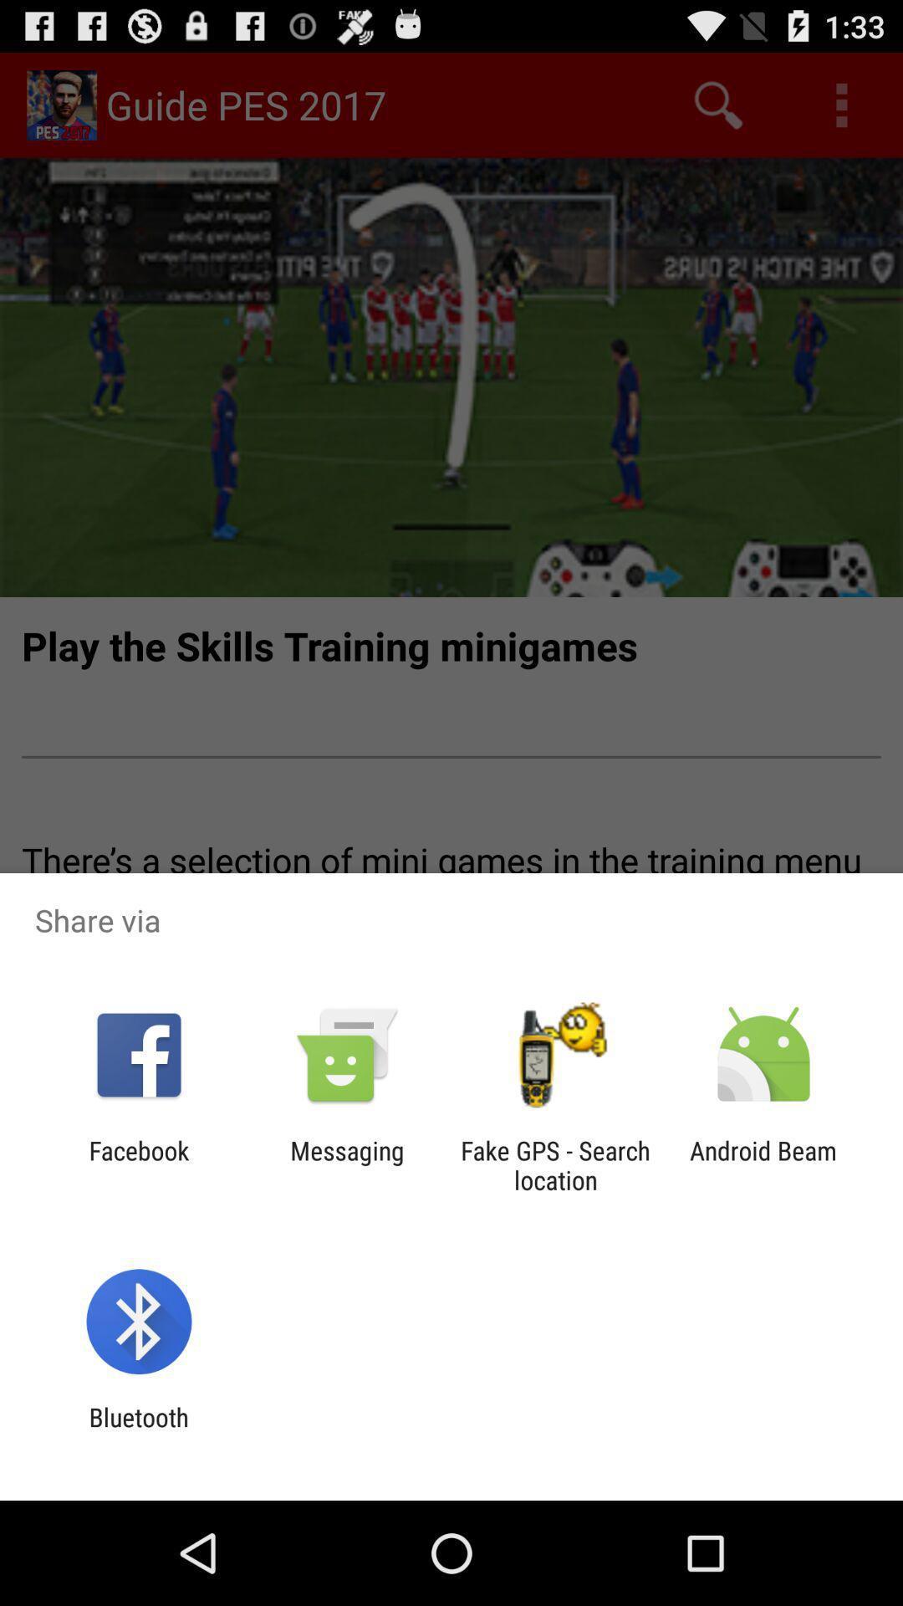  What do you see at coordinates (555, 1164) in the screenshot?
I see `icon to the right of the messaging item` at bounding box center [555, 1164].